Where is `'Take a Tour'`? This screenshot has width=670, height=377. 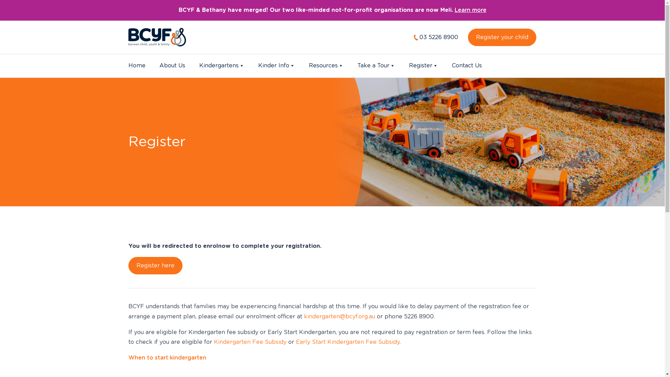
'Take a Tour' is located at coordinates (357, 66).